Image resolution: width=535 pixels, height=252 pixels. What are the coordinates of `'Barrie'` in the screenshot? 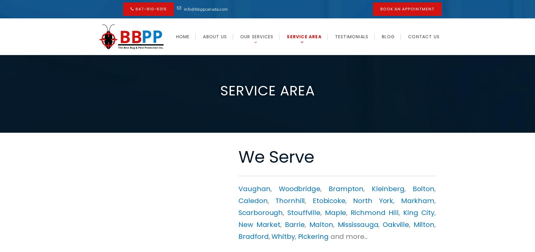 It's located at (295, 224).